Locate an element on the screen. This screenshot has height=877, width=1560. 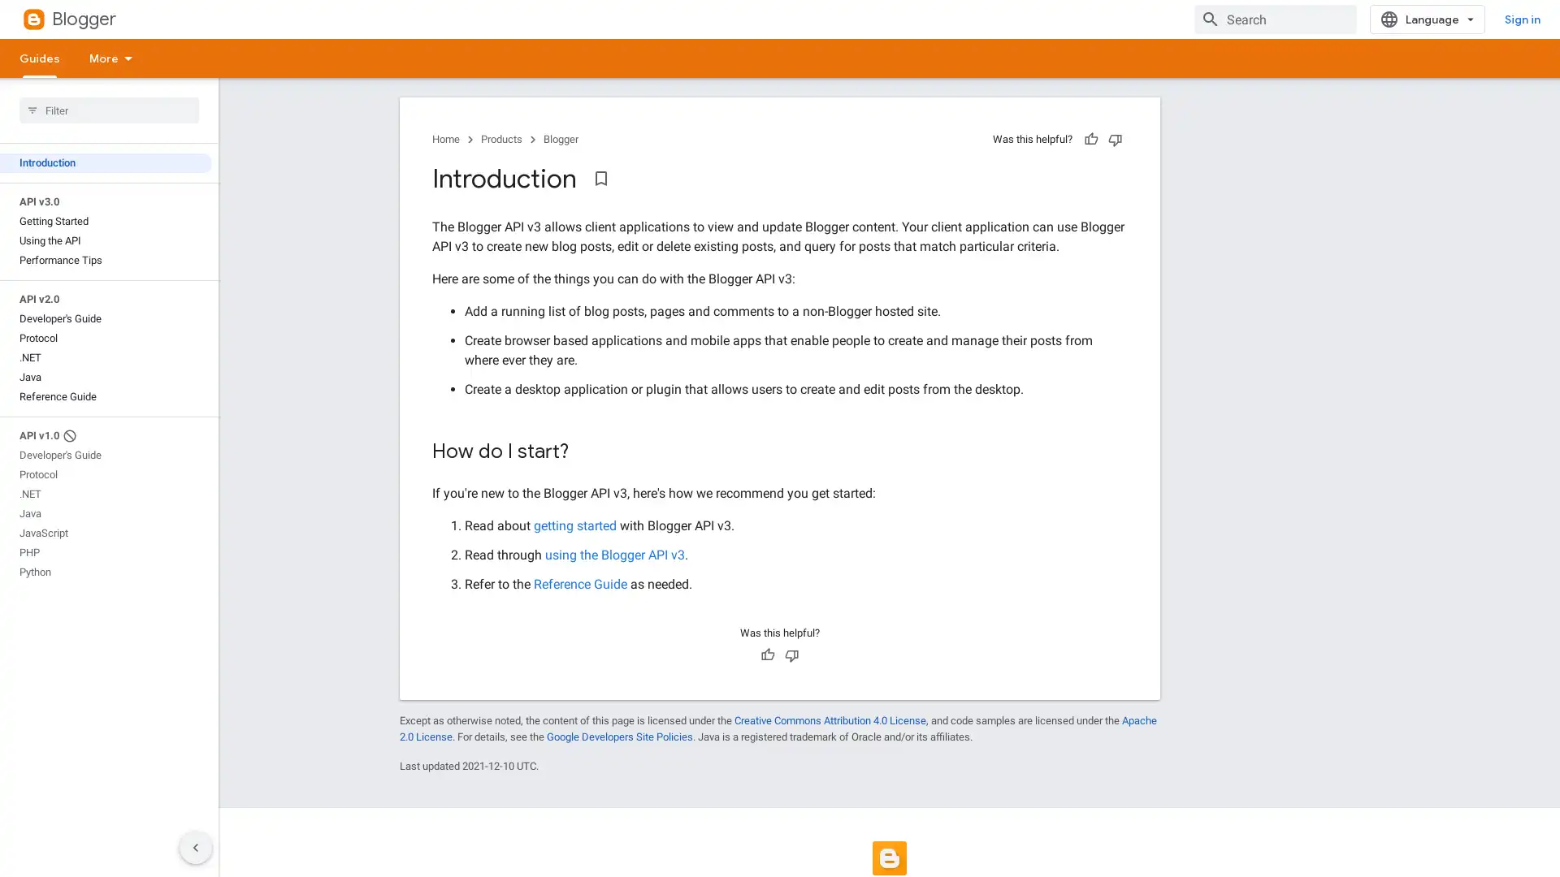
Helpful is located at coordinates (1091, 139).